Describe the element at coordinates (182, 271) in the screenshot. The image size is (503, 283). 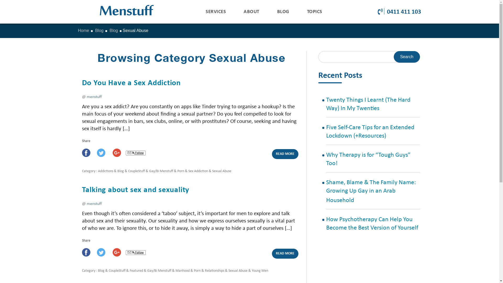
I see `'Manhood'` at that location.